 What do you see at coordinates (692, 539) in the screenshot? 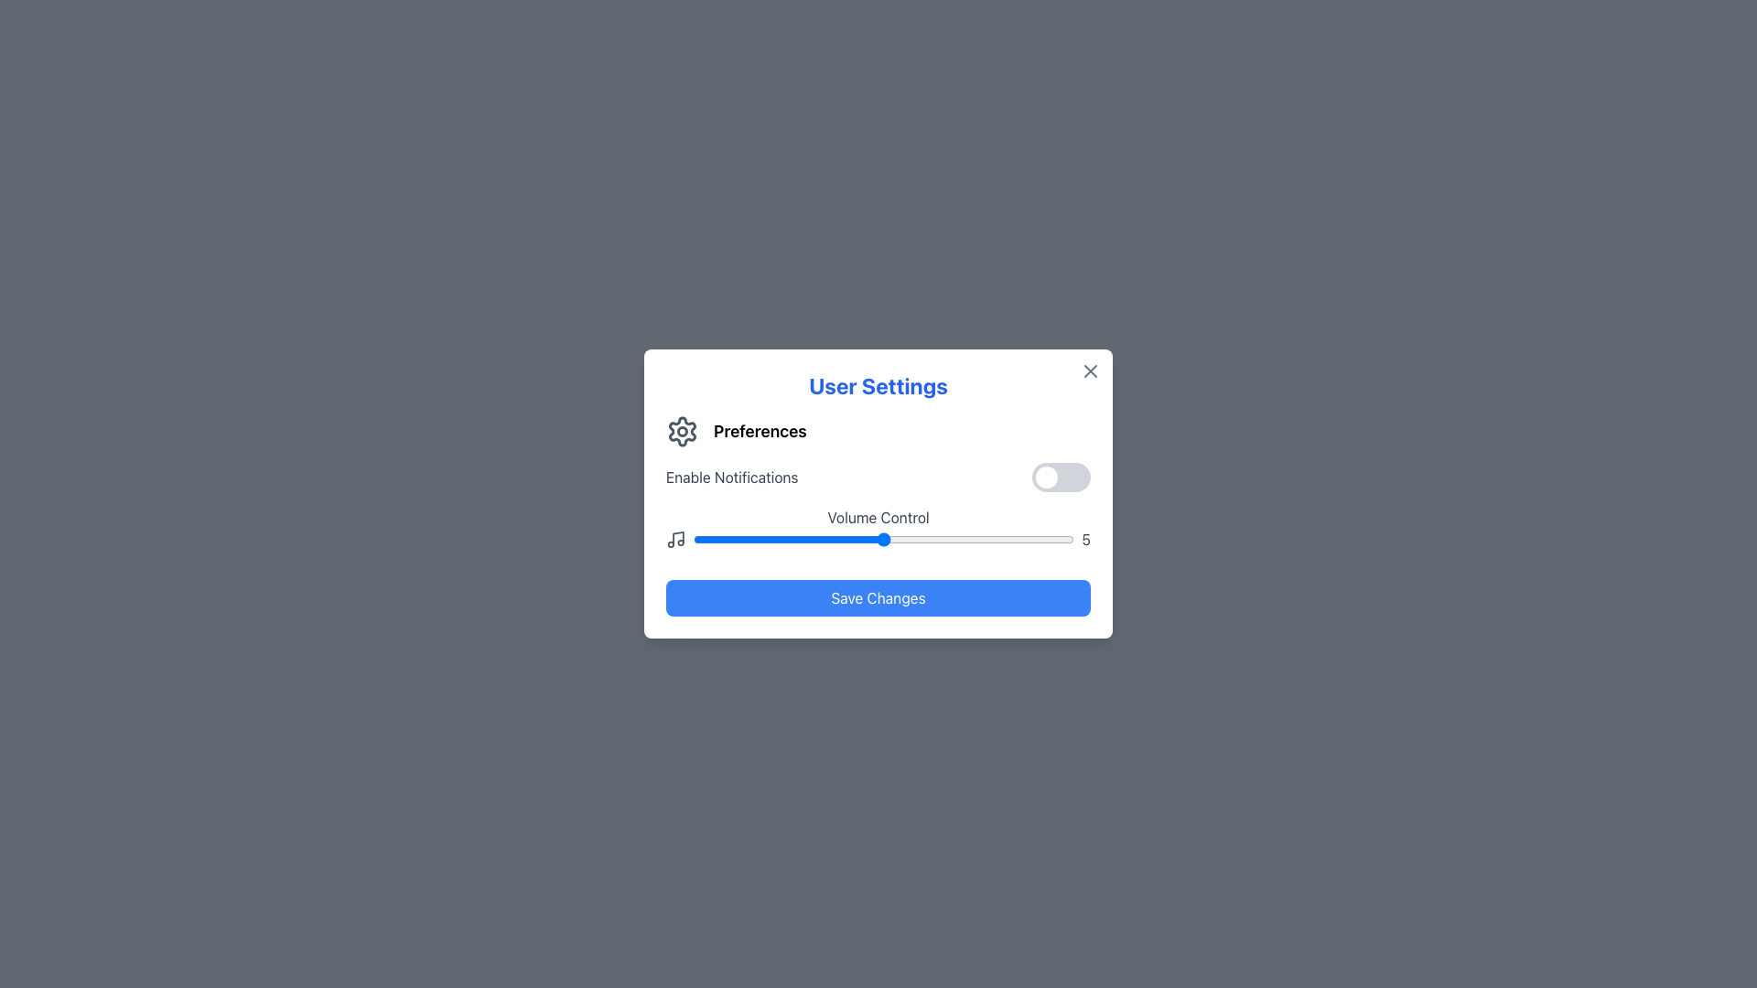
I see `the volume level` at bounding box center [692, 539].